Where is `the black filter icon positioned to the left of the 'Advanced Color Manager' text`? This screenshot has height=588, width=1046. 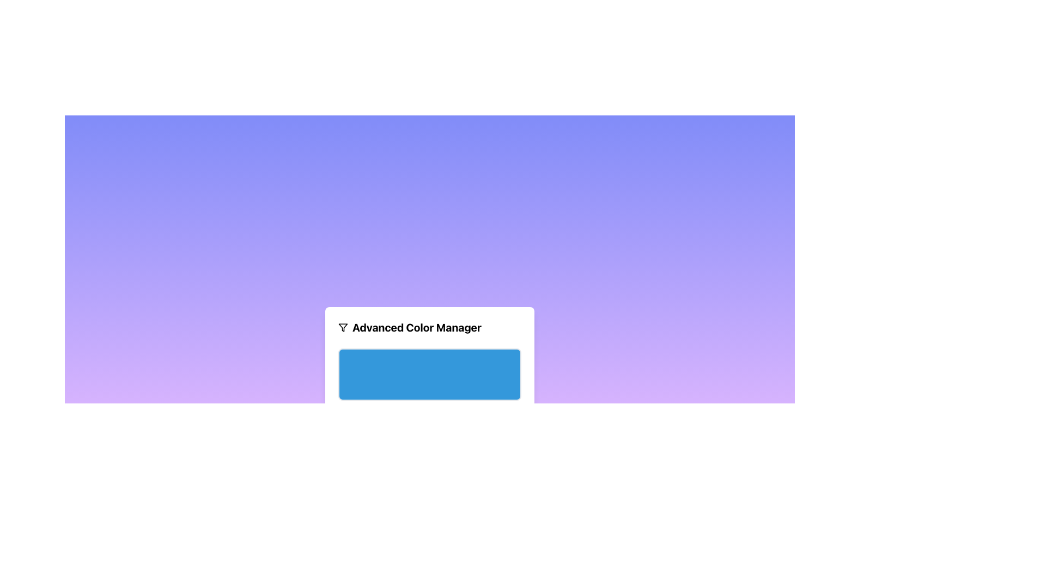 the black filter icon positioned to the left of the 'Advanced Color Manager' text is located at coordinates (342, 327).